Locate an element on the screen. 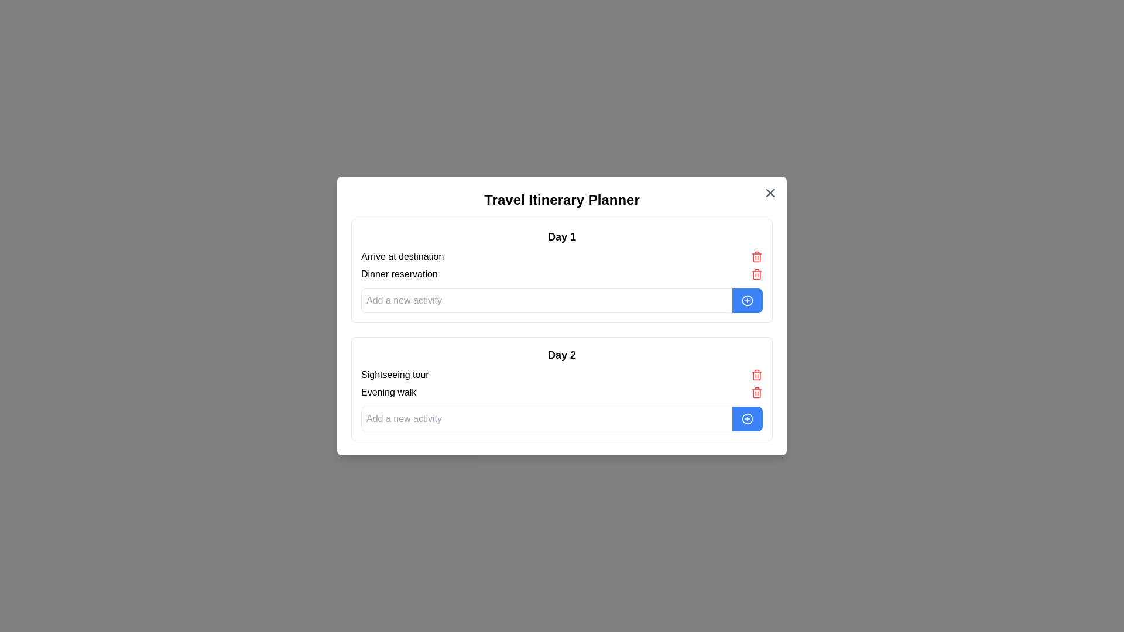 The width and height of the screenshot is (1124, 632). the bold, large-sized header text reading 'Day 2' located at the top of the Day 2 section in the travel itinerary planner interface is located at coordinates (562, 354).